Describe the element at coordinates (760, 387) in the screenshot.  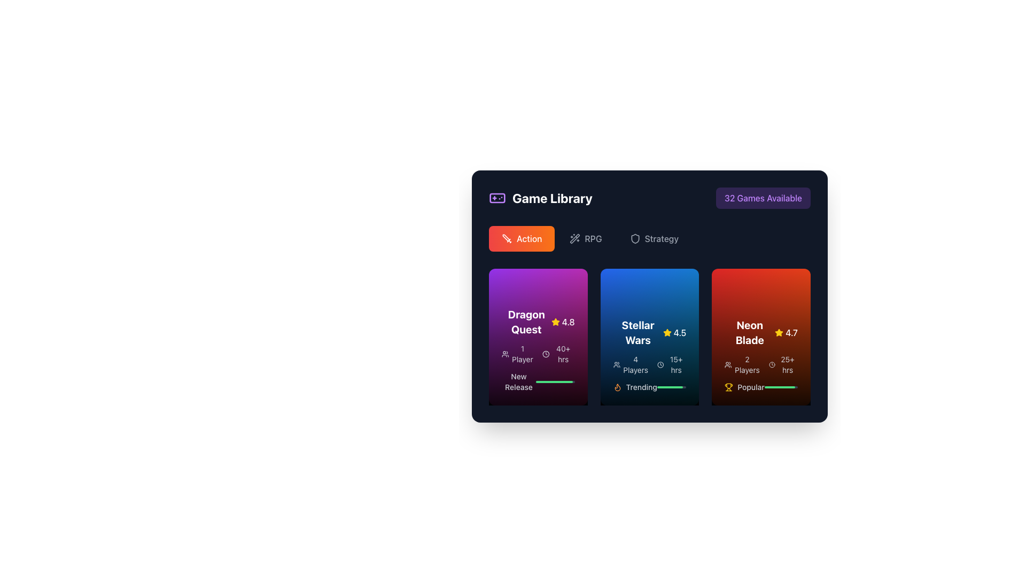
I see `text 'Popular' from the informational label with trophy icon and progress bar located at the bottom of the 'Neon Blade' game card` at that location.